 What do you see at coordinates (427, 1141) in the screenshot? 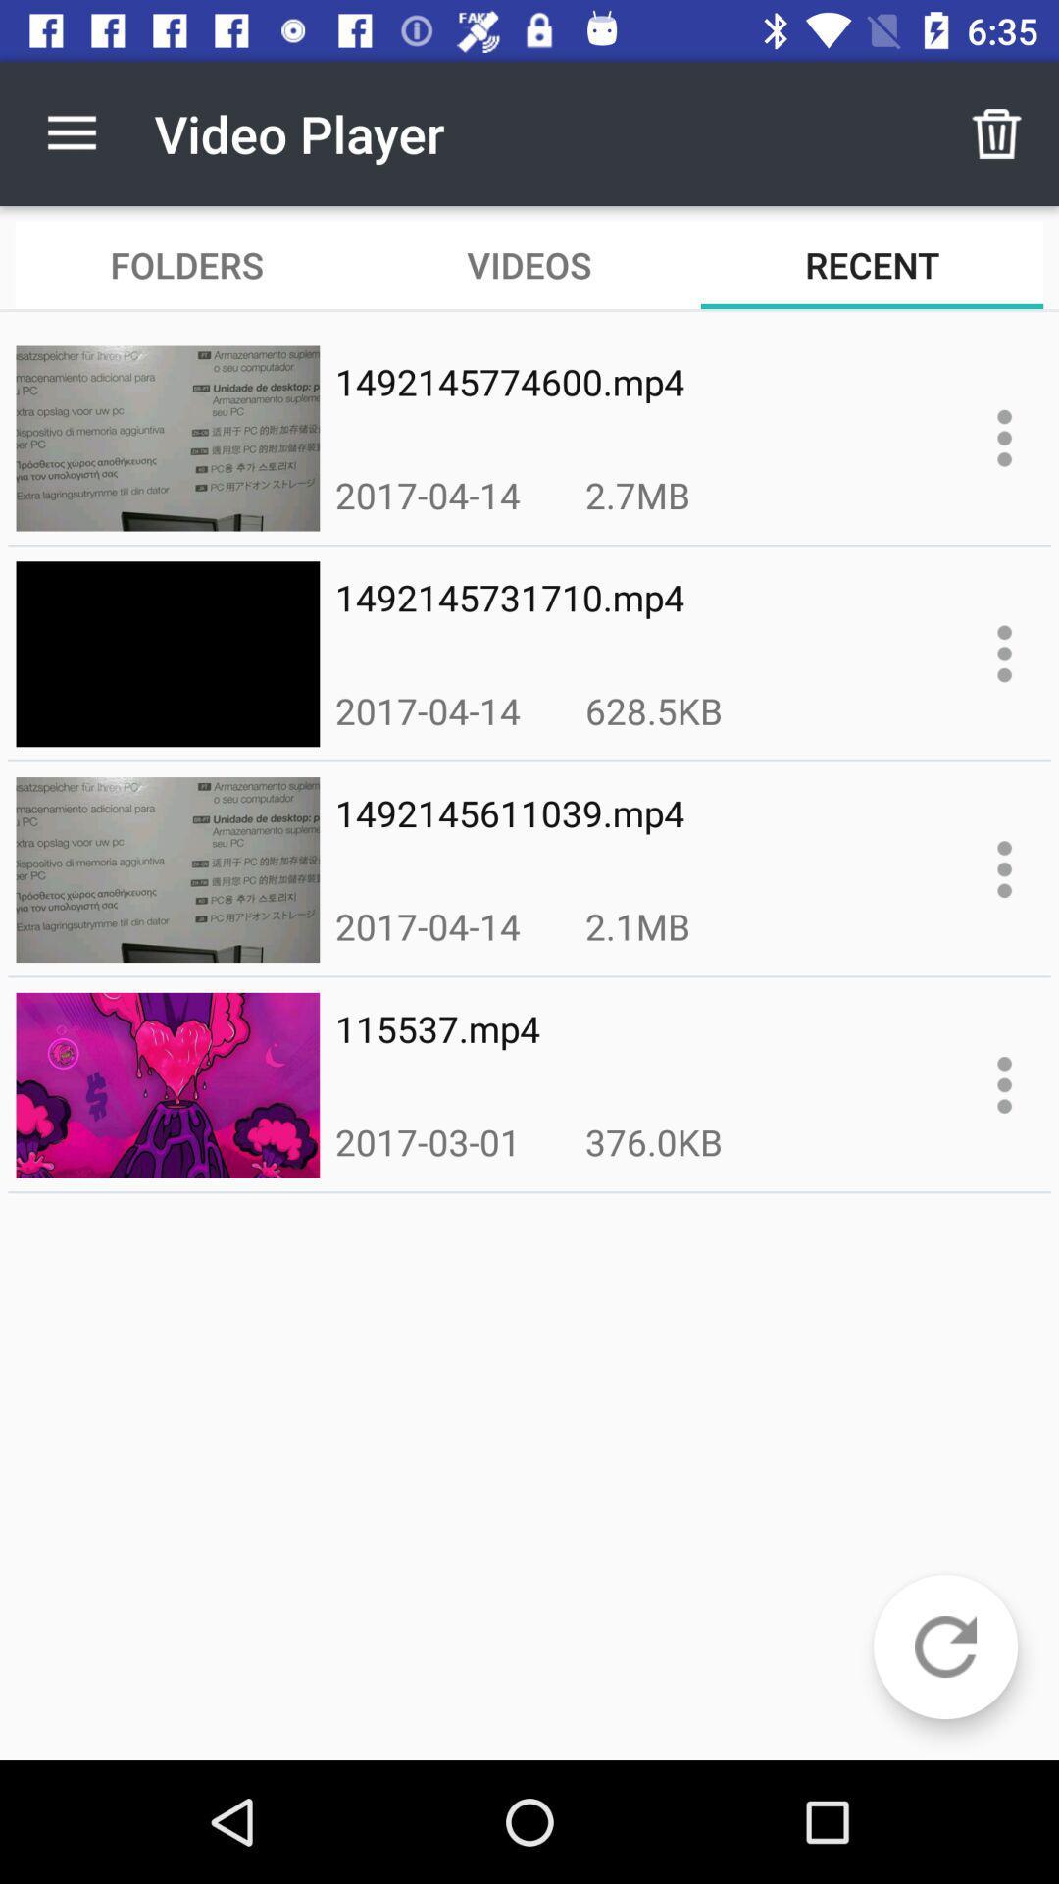
I see `item next to 376.0kb item` at bounding box center [427, 1141].